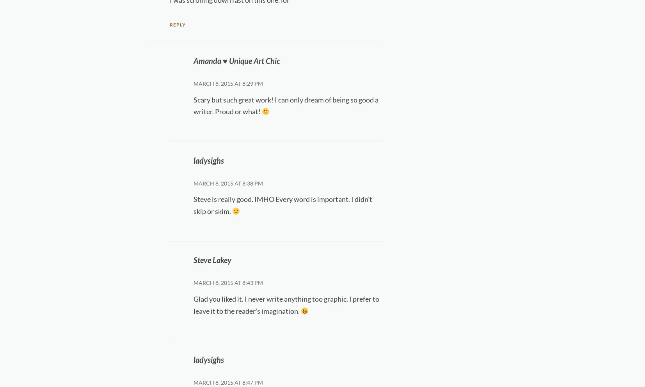  Describe the element at coordinates (285, 105) in the screenshot. I see `'Scary but such great work! I can only dream of being so good a writer. Proud or what!'` at that location.